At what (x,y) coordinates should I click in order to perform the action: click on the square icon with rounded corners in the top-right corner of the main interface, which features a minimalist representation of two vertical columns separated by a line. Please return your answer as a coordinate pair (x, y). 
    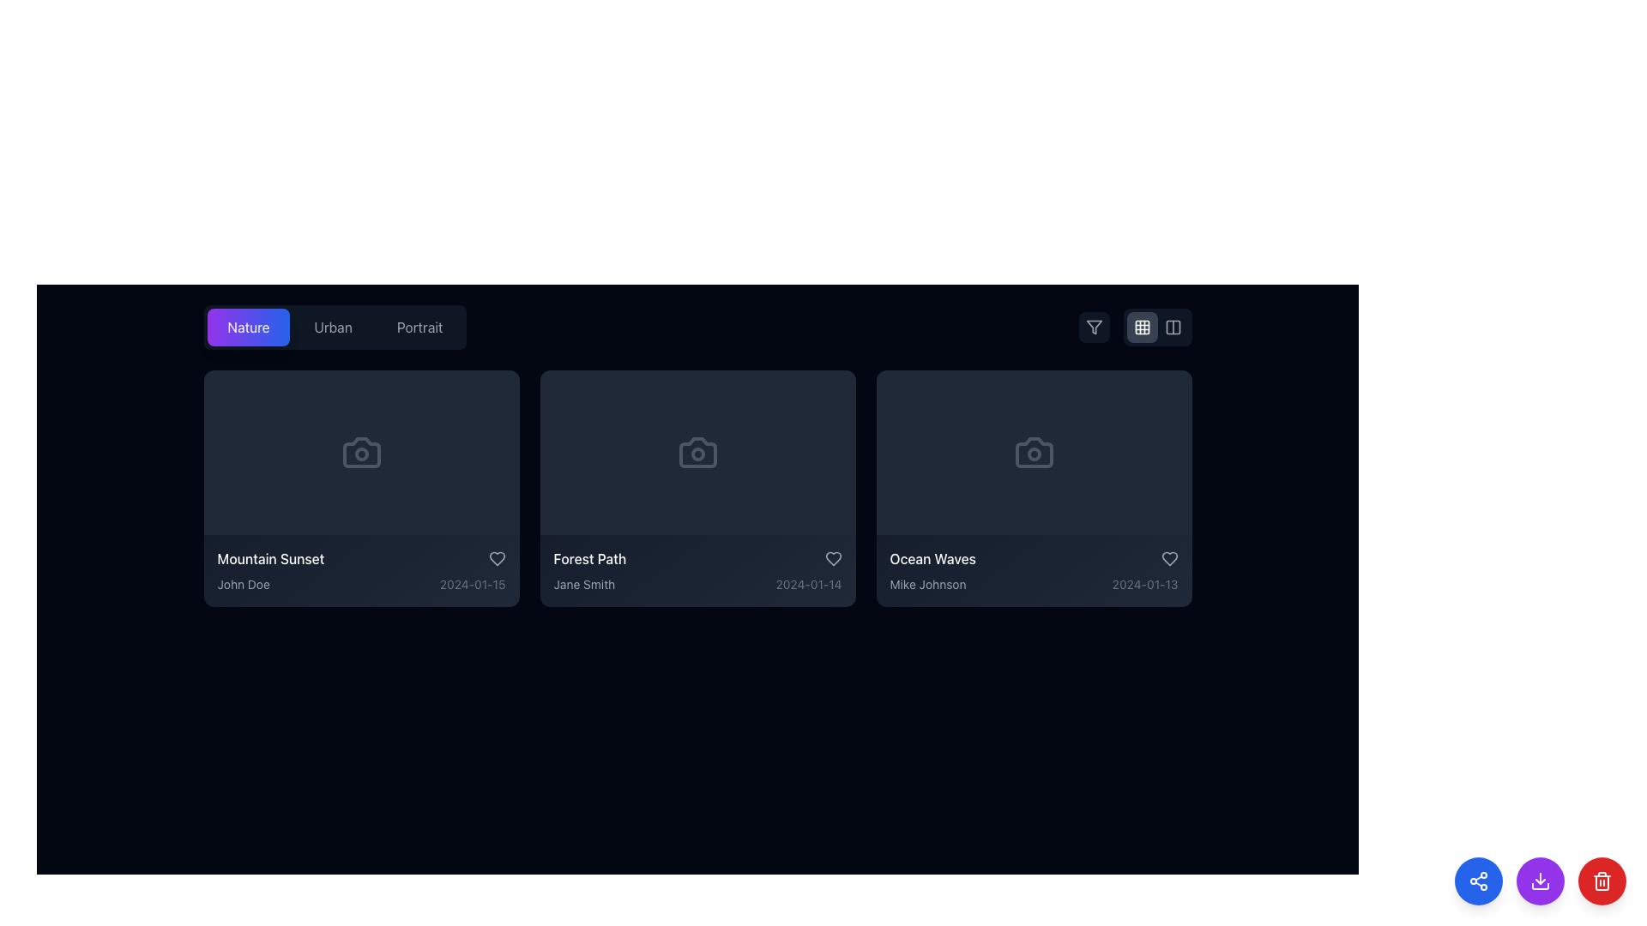
    Looking at the image, I should click on (1172, 327).